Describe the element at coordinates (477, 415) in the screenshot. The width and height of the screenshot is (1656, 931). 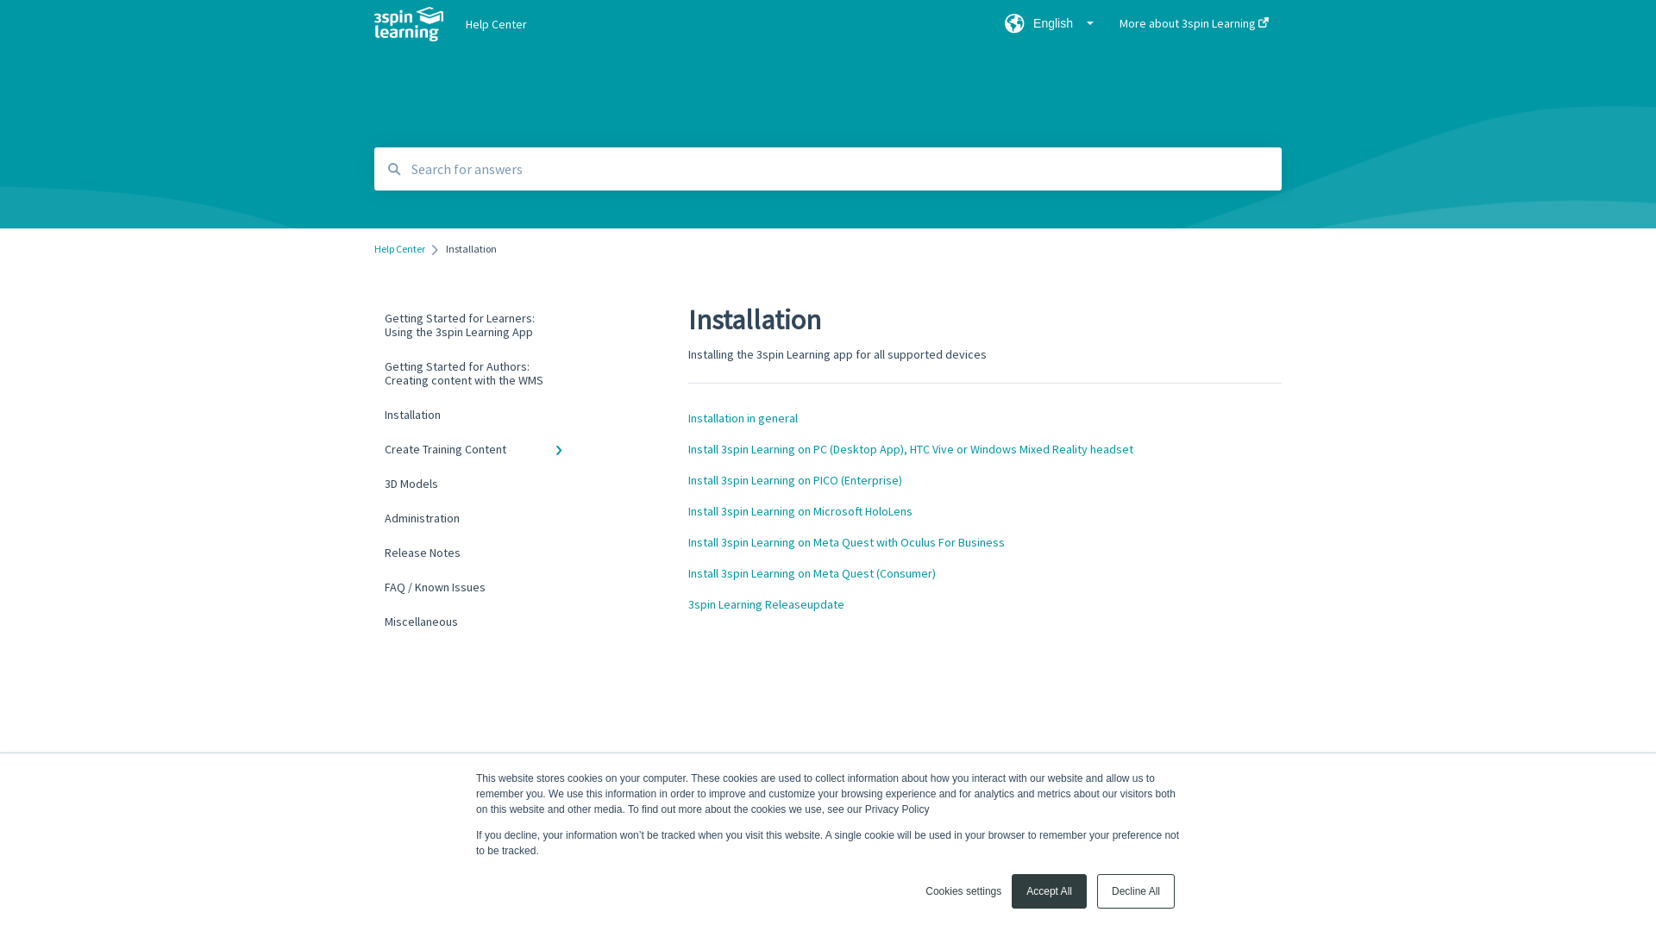
I see `'Installation'` at that location.